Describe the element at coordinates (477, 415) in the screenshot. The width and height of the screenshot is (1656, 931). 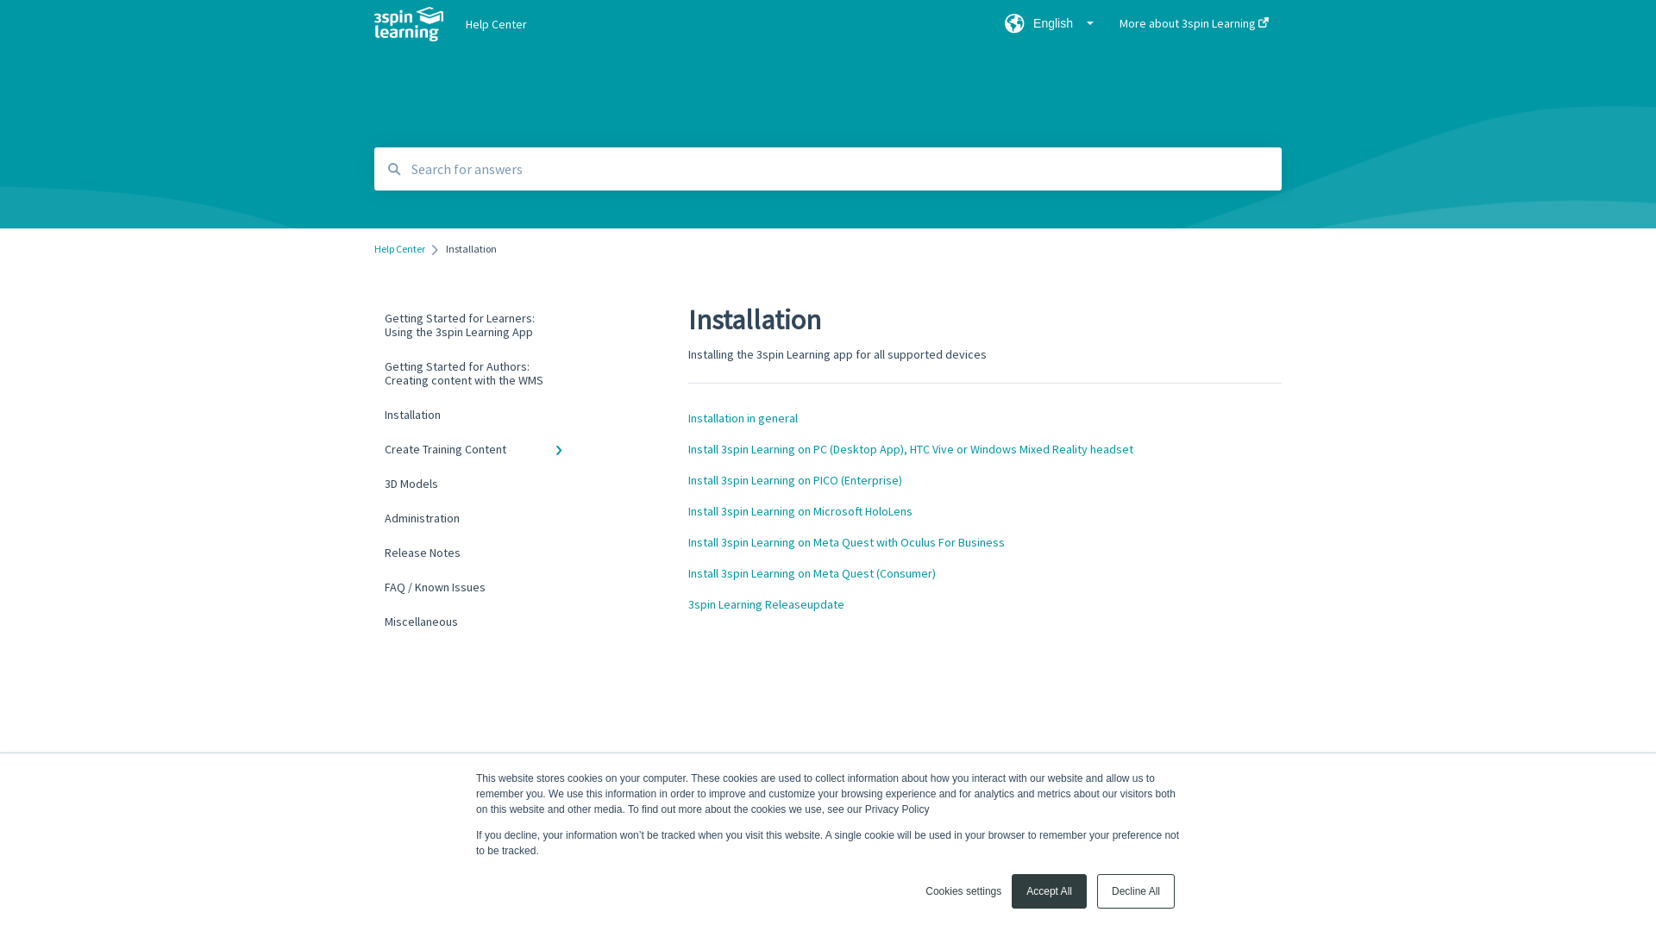
I see `'Installation'` at that location.